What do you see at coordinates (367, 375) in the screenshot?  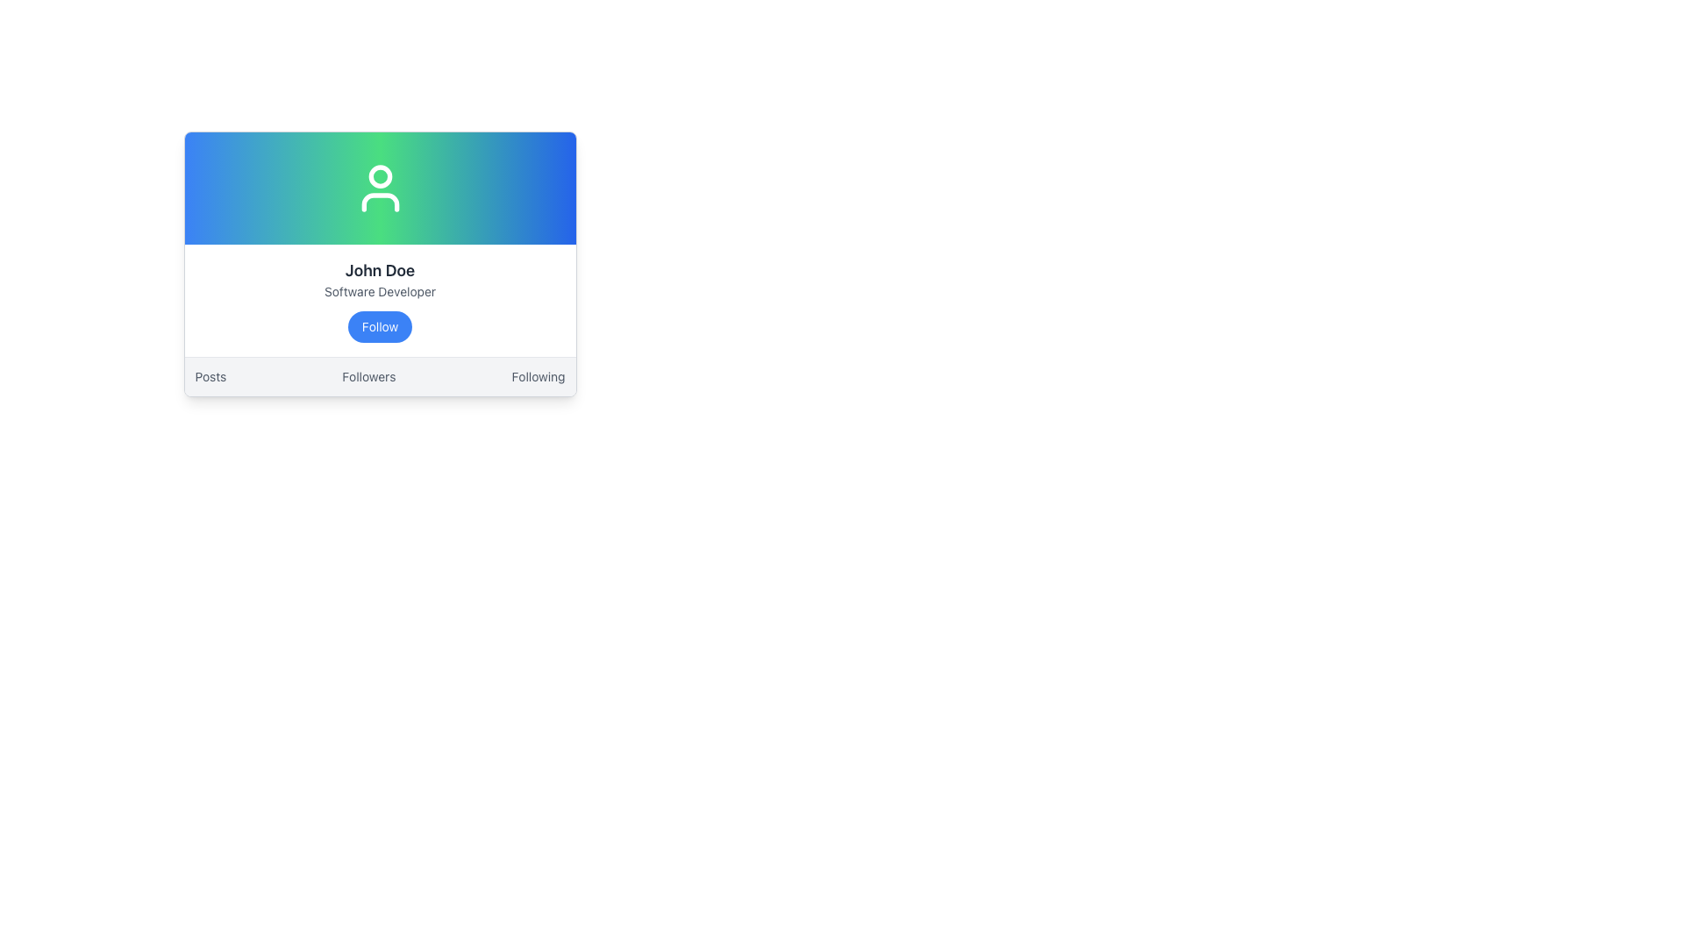 I see `the 'Followers' hyperlink in the navigation bar at the bottom of the profile card` at bounding box center [367, 375].